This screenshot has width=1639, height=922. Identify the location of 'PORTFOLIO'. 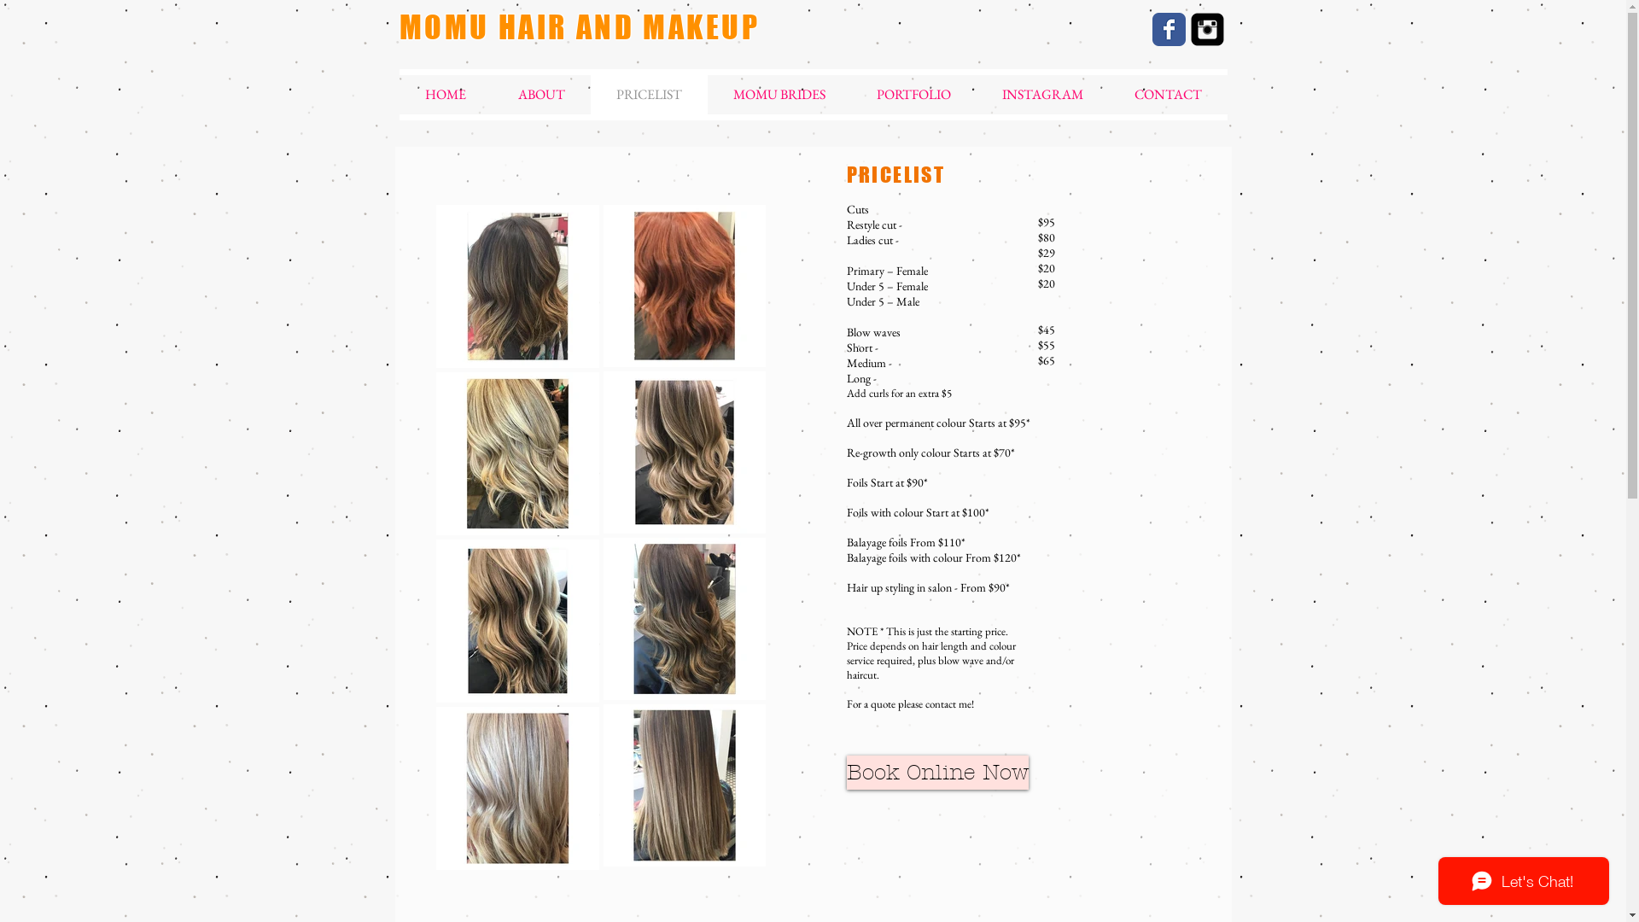
(912, 95).